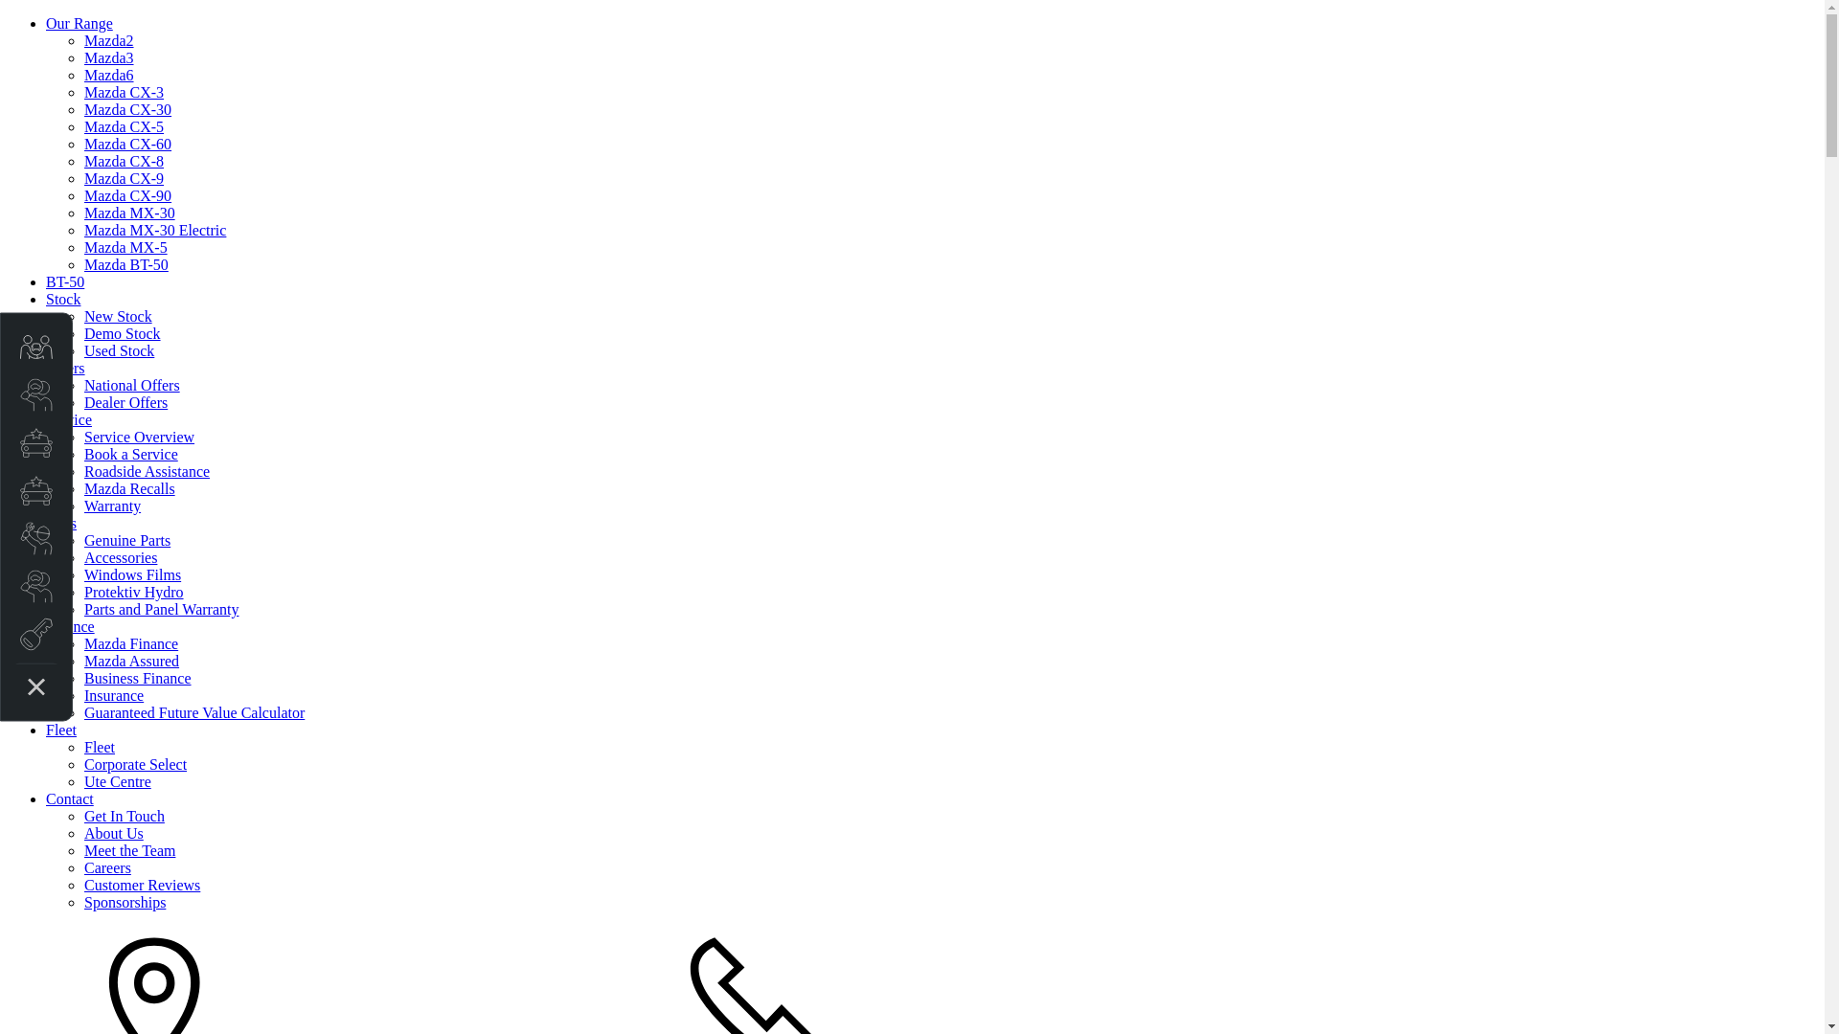 This screenshot has width=1839, height=1034. I want to click on 'About Us', so click(113, 832).